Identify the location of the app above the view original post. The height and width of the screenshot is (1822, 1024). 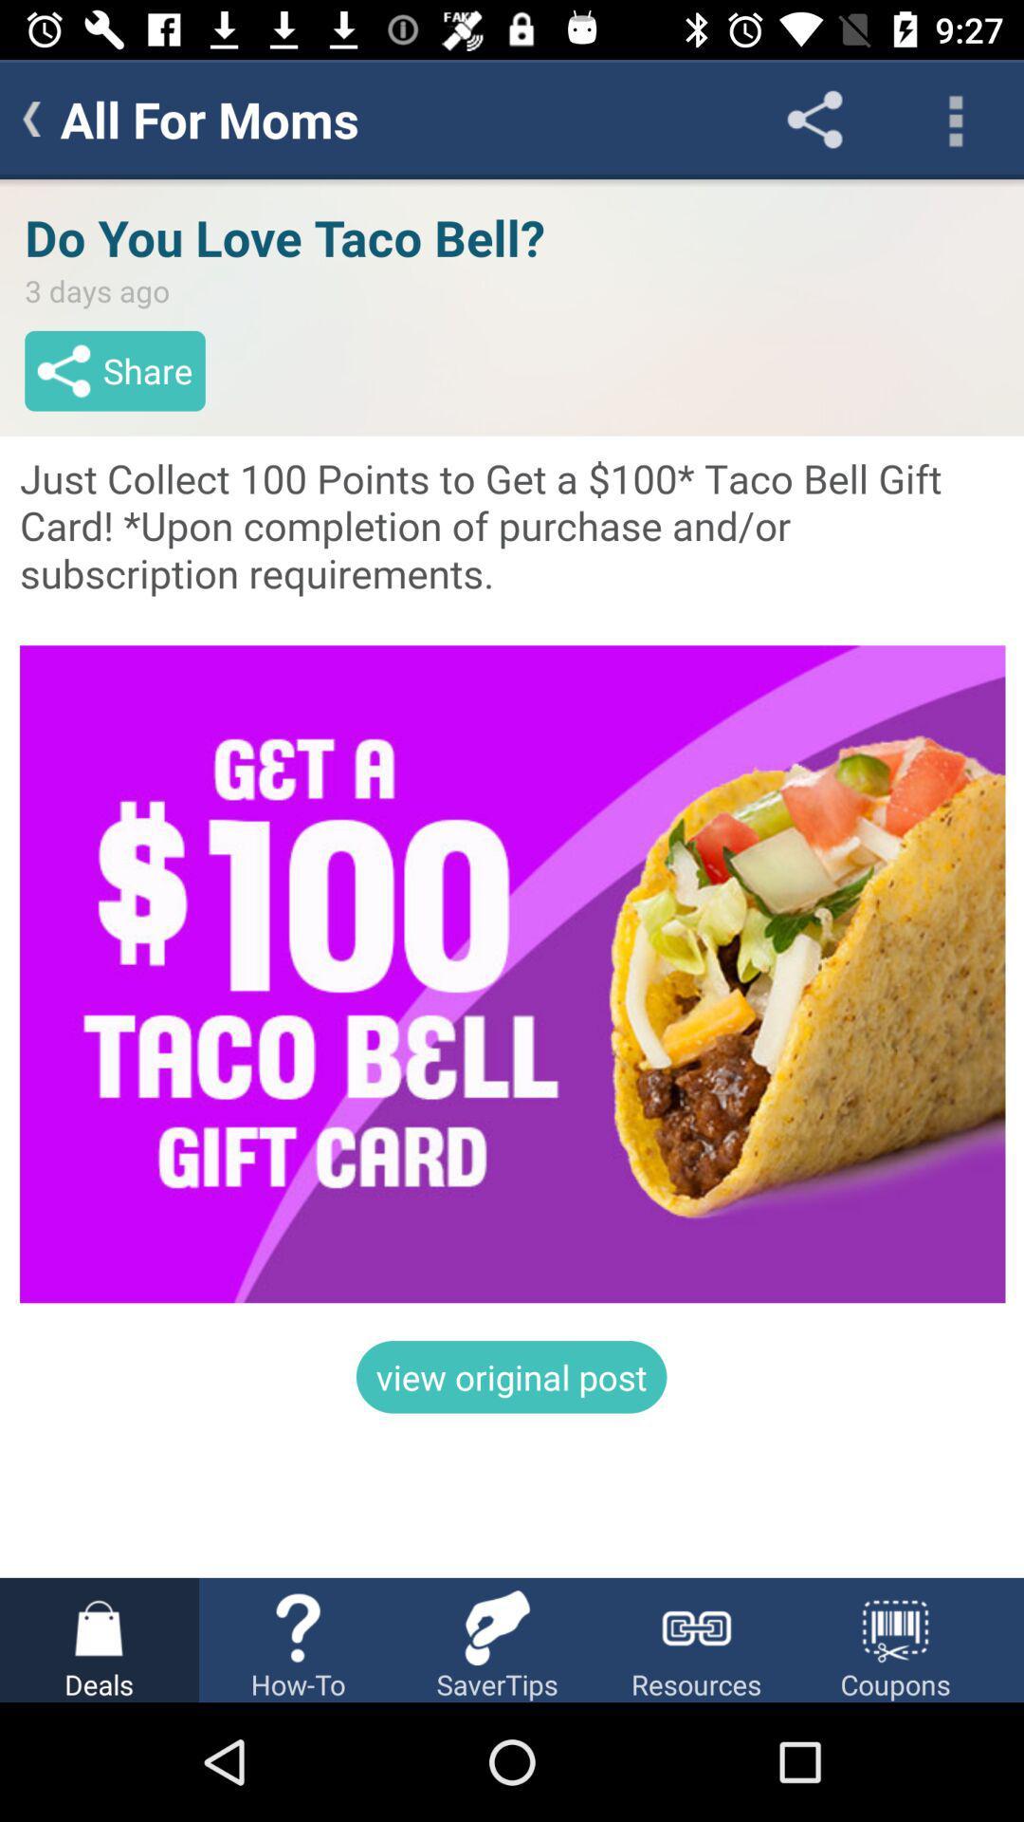
(512, 878).